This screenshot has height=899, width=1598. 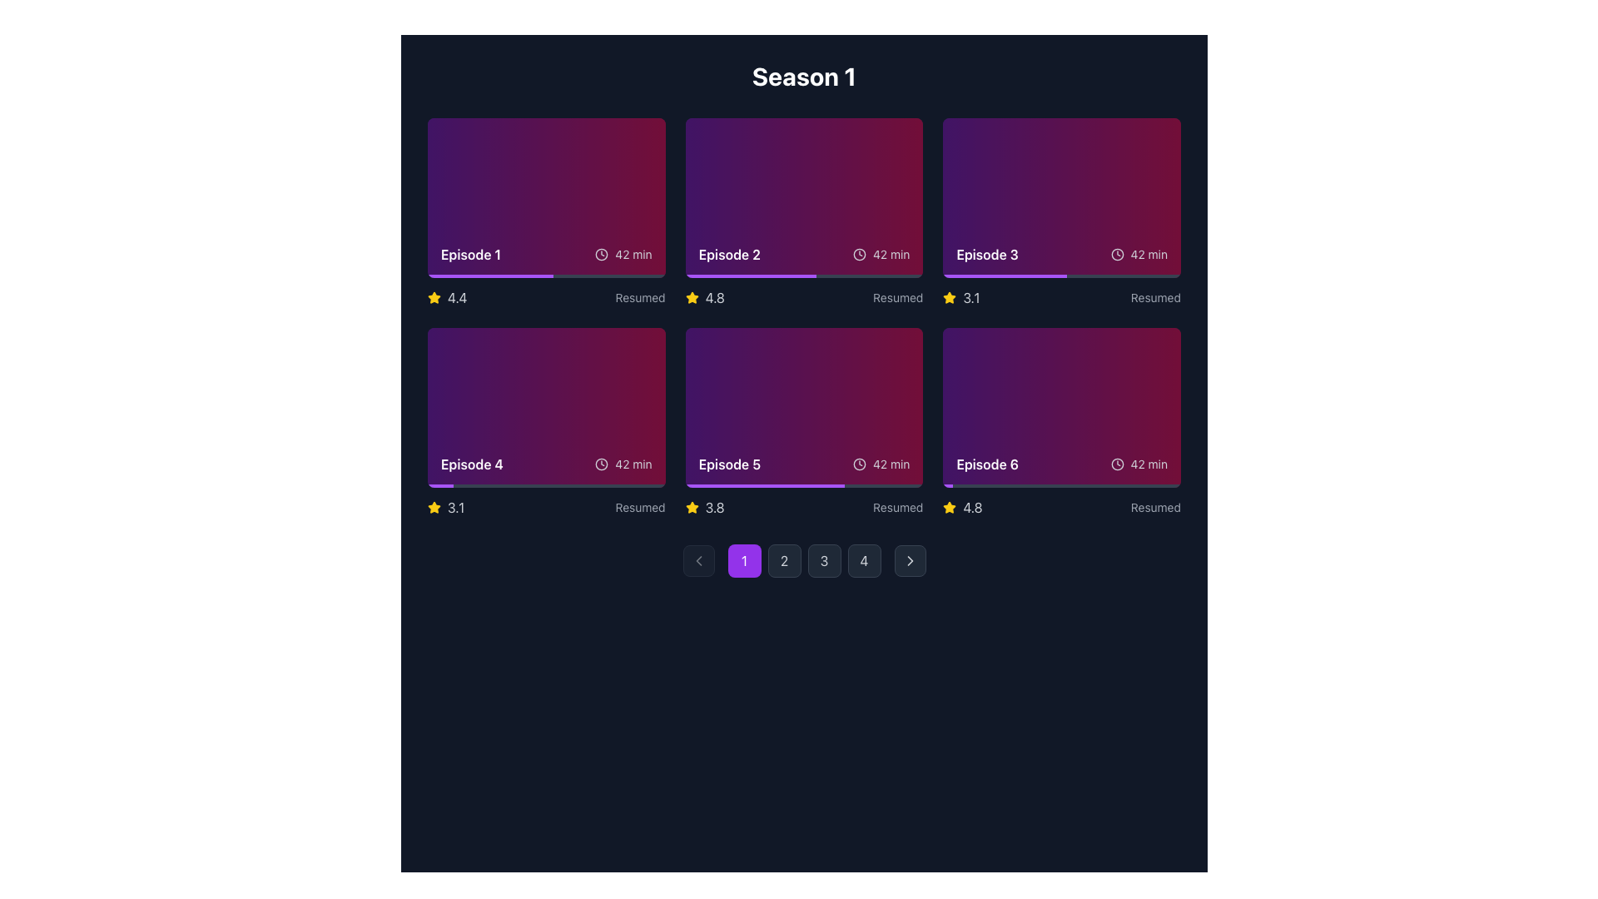 I want to click on the second card in the top row of the grid layout, so click(x=804, y=211).